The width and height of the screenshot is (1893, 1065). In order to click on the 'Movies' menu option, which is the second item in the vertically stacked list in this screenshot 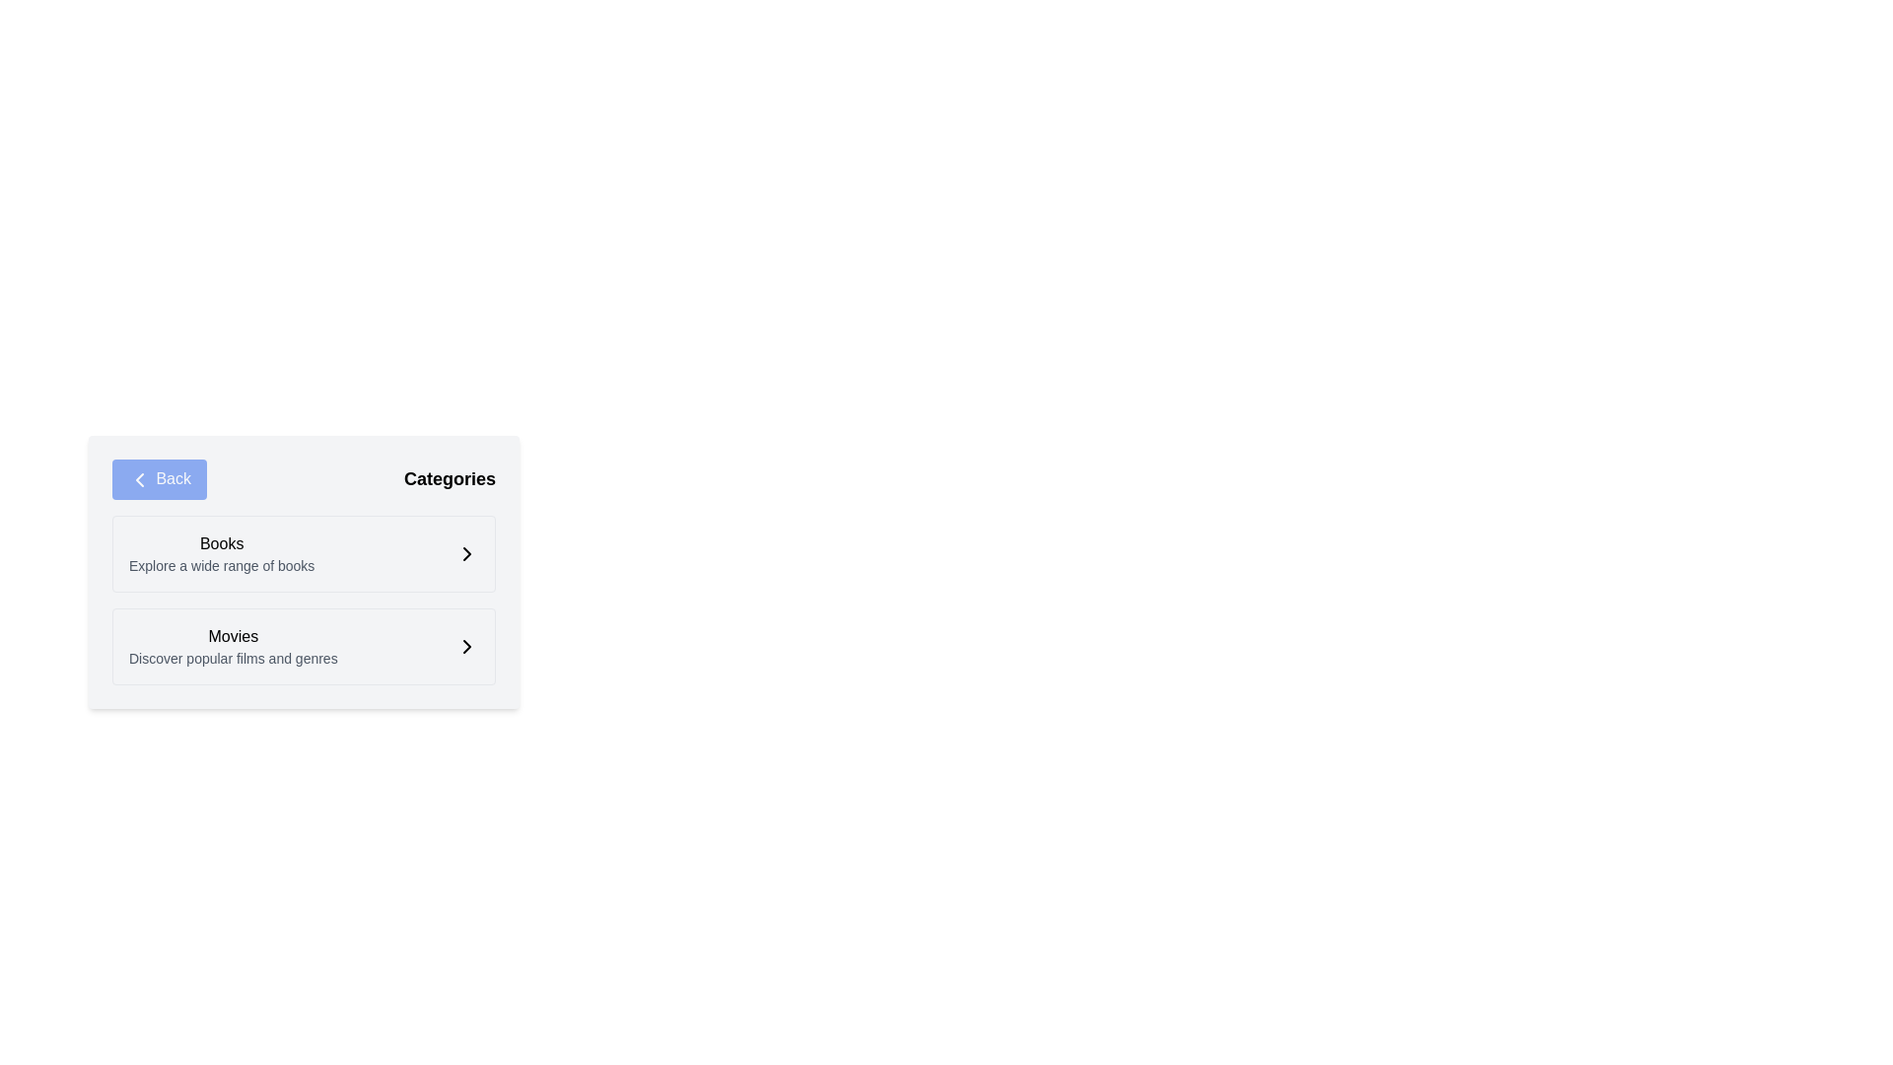, I will do `click(303, 646)`.